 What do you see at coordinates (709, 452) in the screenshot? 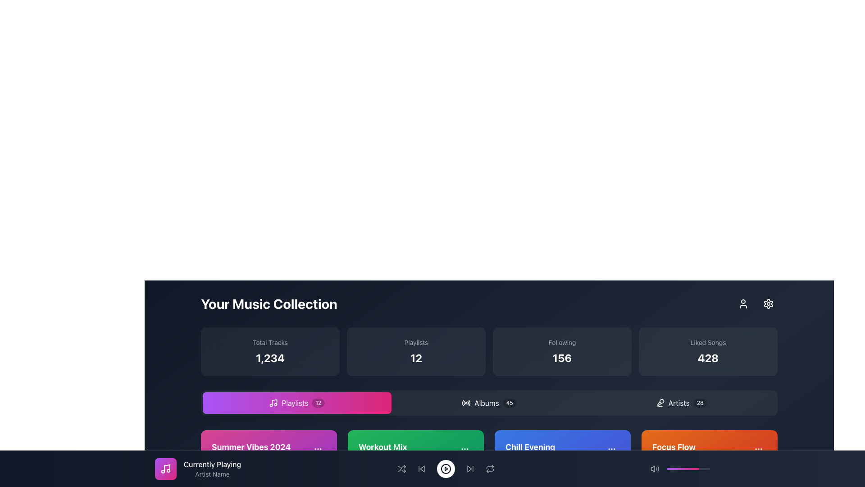
I see `the clickable card element titled 'Focus Flow' with subtext '15 tracks' located in the bottom right corner of the grid layout` at bounding box center [709, 452].